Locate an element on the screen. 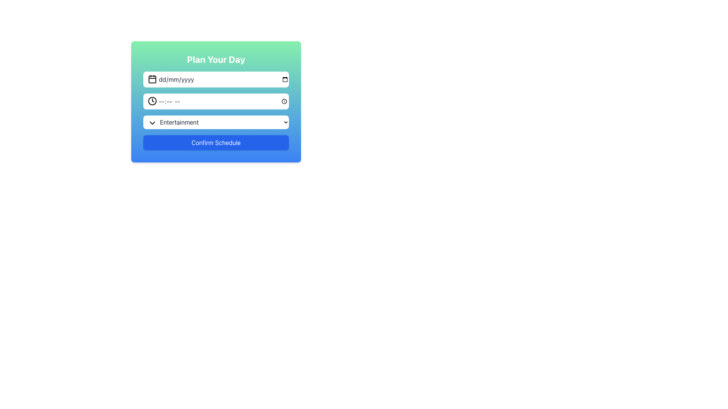 This screenshot has width=728, height=409. an option from the 'Entertainment' dropdown menu located below the time selection field and above the 'Confirm Schedule' button is located at coordinates (216, 122).